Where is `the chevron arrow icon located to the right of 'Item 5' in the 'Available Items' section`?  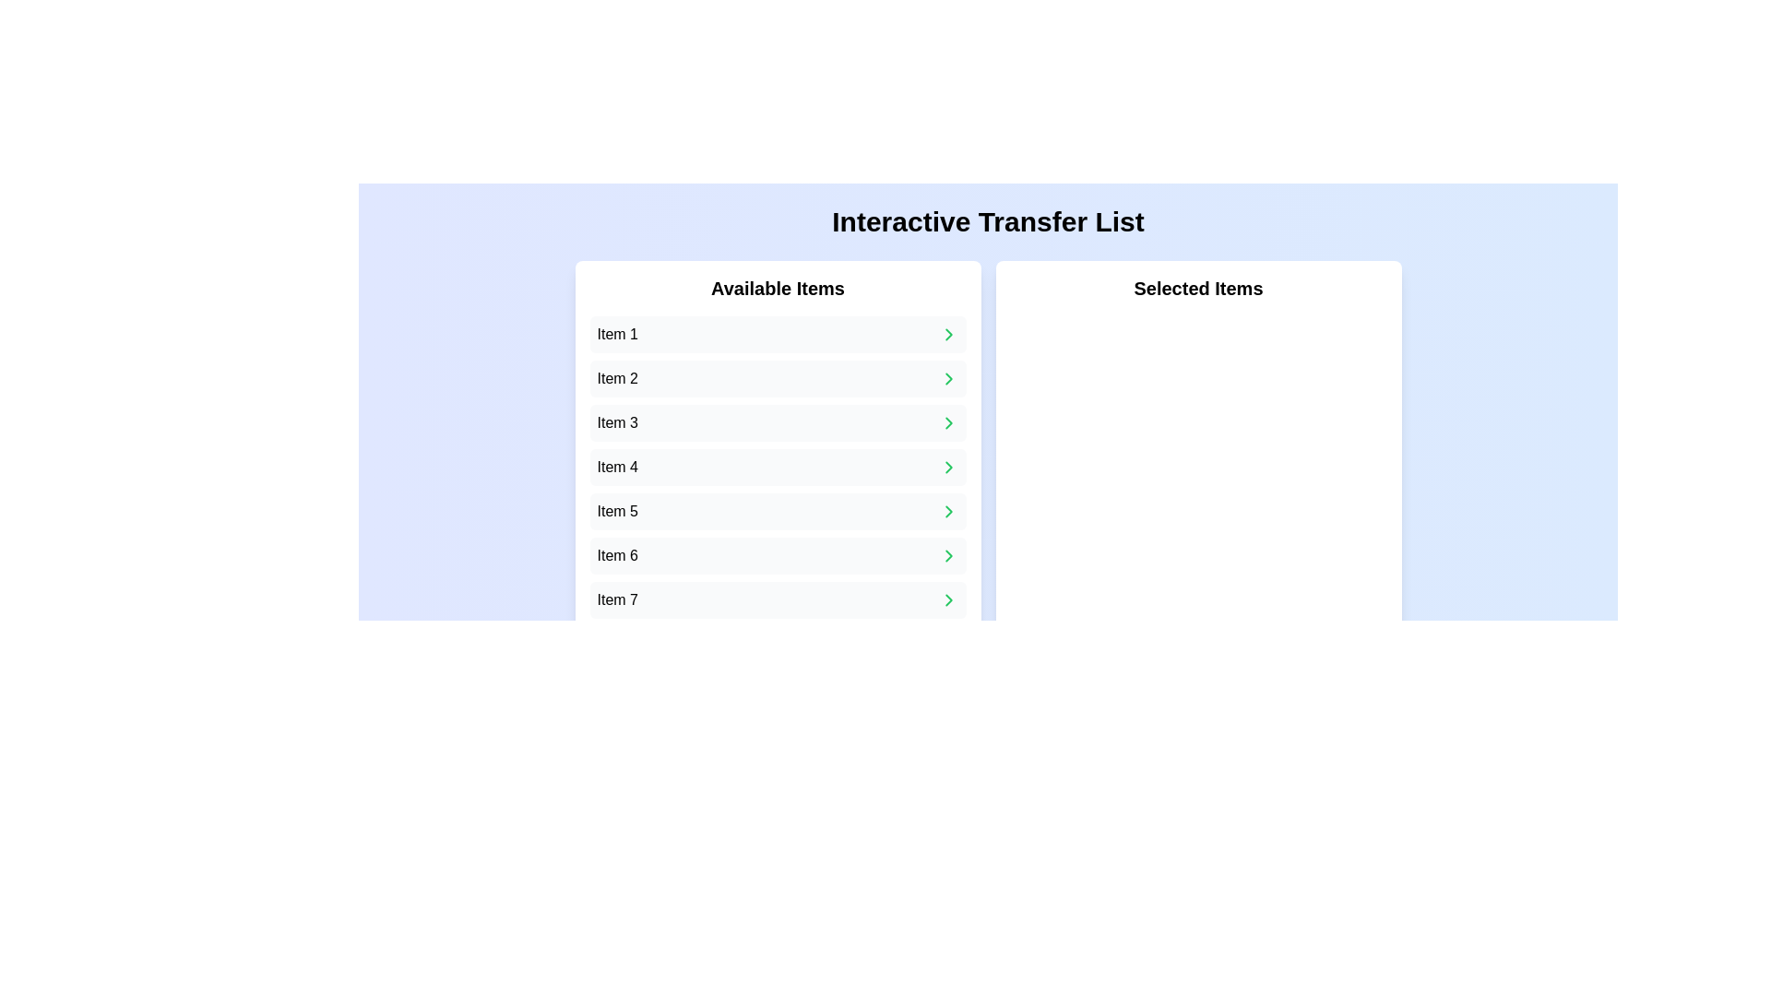
the chevron arrow icon located to the right of 'Item 5' in the 'Available Items' section is located at coordinates (948, 512).